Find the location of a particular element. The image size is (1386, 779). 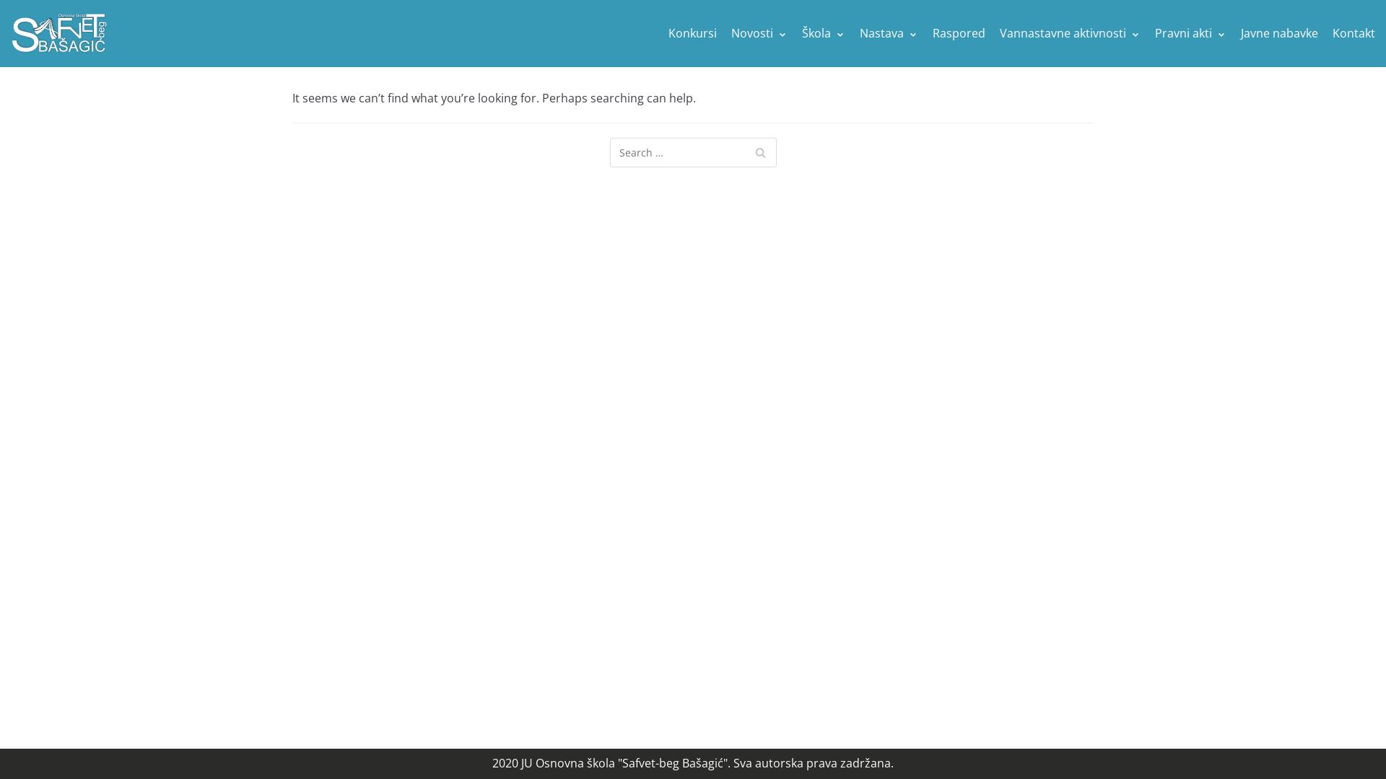

'Search' is located at coordinates (759, 152).